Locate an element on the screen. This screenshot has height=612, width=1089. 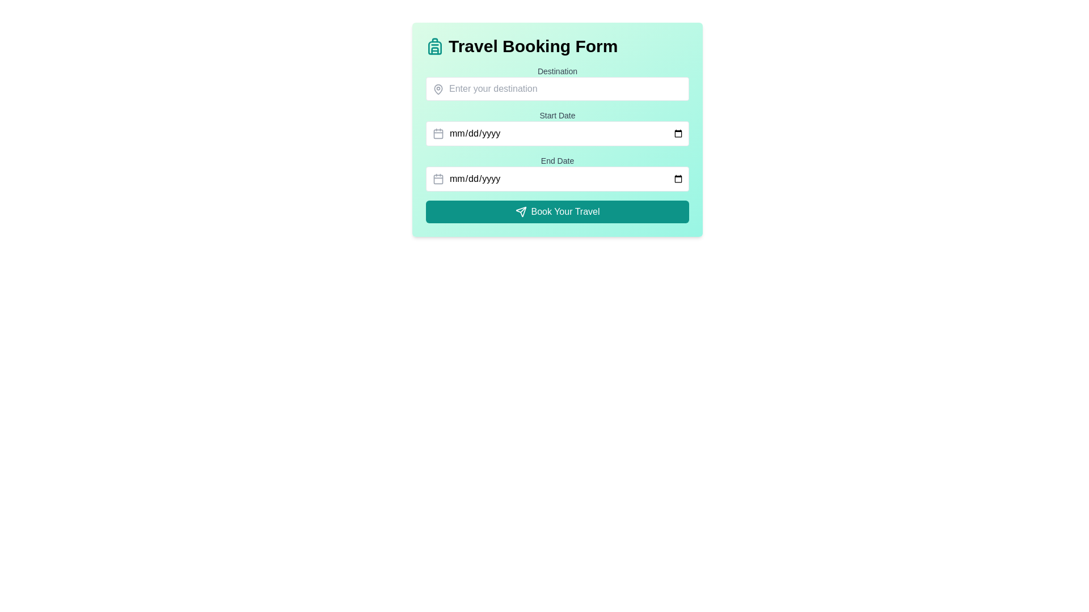
the rounded rectangle SVG graphic element resembling a calendar icon, which is adjacent to the 'End Date' text field is located at coordinates (437, 178).